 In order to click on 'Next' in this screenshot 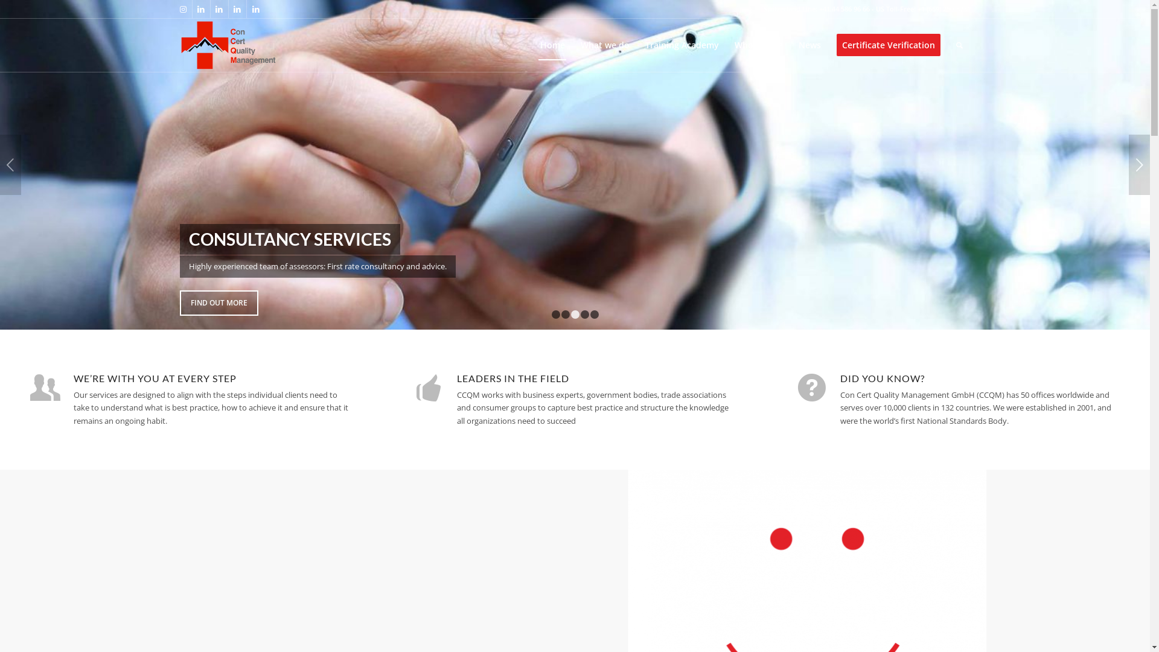, I will do `click(1128, 165)`.